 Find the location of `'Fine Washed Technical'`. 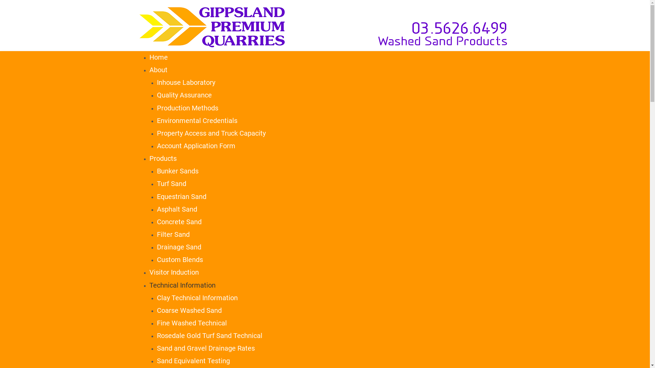

'Fine Washed Technical' is located at coordinates (157, 323).